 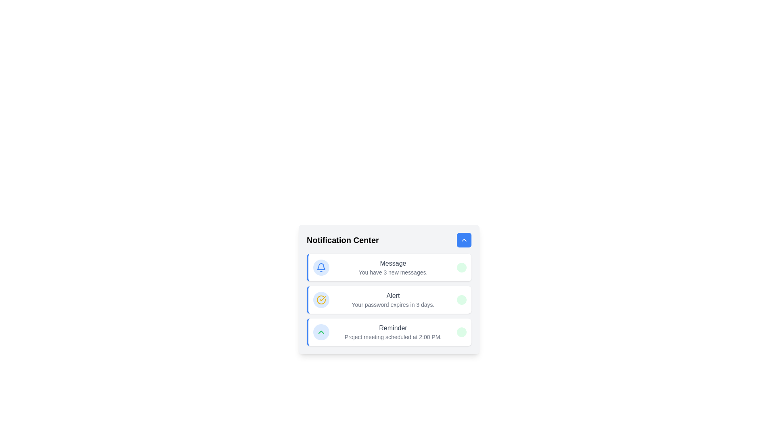 What do you see at coordinates (321, 332) in the screenshot?
I see `the toggle button located at the top-right corner of the notification widget interface to change its visual state` at bounding box center [321, 332].